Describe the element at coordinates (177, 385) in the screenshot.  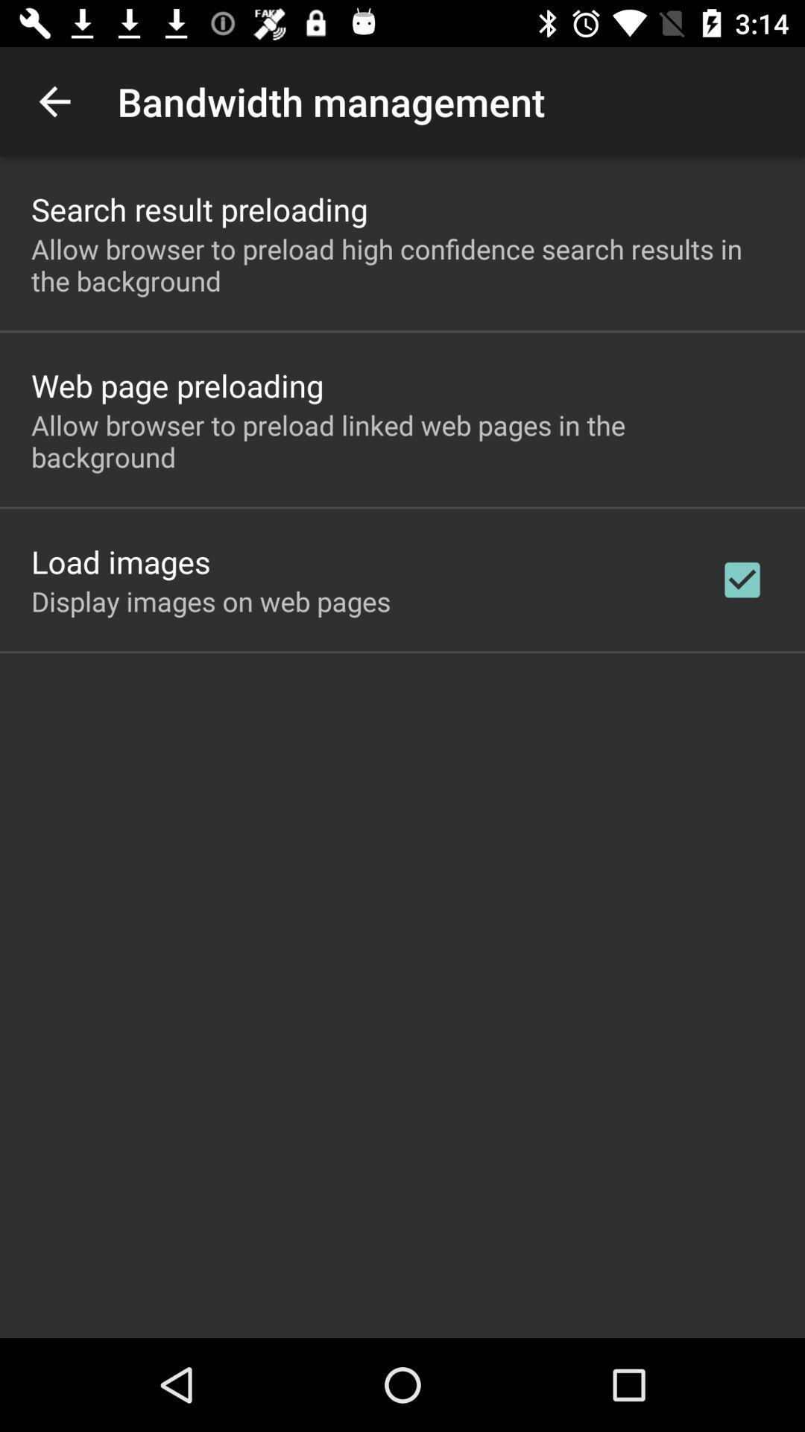
I see `the web page preloading icon` at that location.